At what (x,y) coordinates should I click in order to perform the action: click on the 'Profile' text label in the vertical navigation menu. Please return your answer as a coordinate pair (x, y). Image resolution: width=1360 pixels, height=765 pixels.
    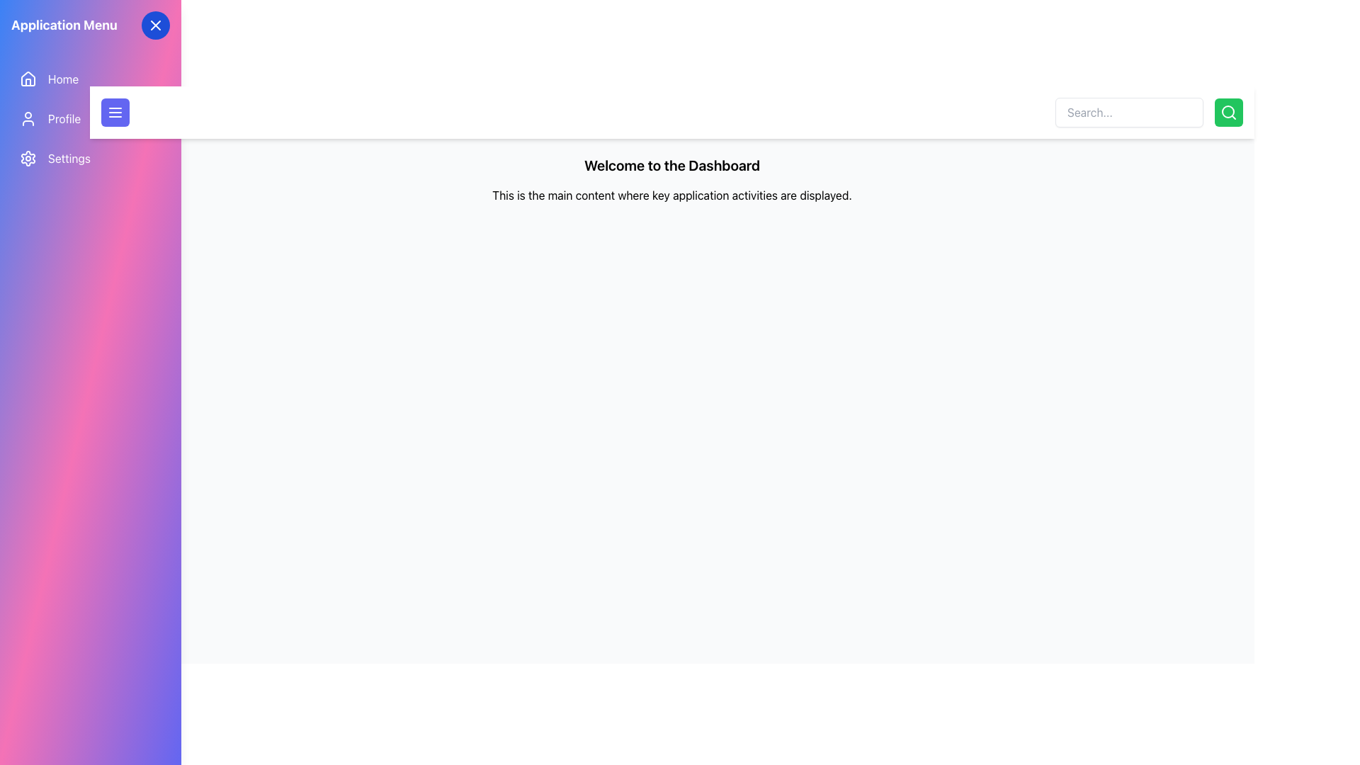
    Looking at the image, I should click on (64, 118).